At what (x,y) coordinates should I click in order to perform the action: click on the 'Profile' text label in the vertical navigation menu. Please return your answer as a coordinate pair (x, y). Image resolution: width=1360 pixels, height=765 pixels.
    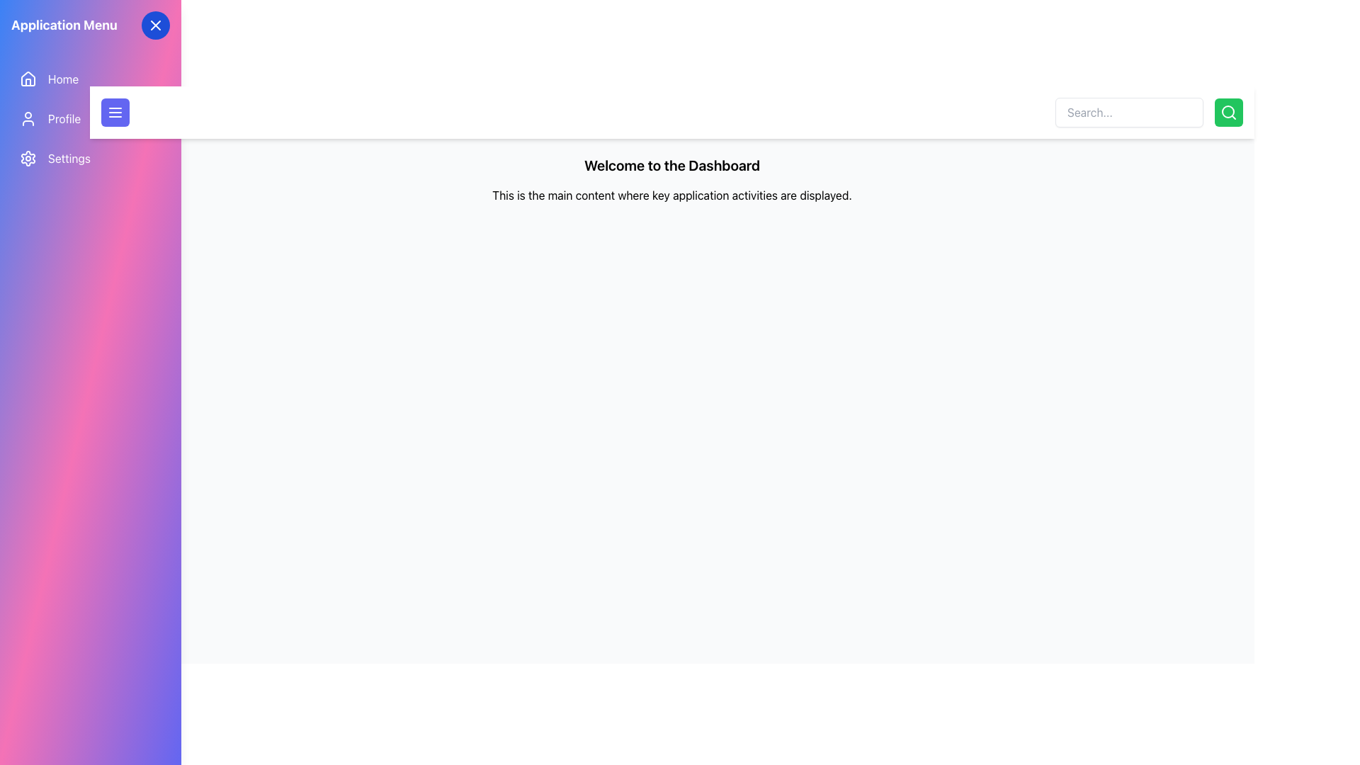
    Looking at the image, I should click on (64, 118).